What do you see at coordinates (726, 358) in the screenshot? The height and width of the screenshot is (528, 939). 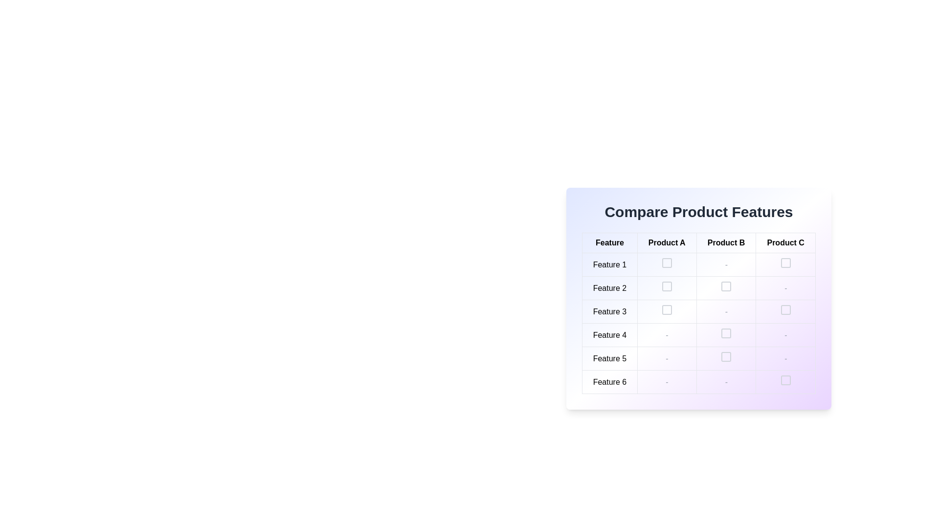 I see `the checkbox located in the 'Feature 5' row and 'Product B' column using tab navigation` at bounding box center [726, 358].